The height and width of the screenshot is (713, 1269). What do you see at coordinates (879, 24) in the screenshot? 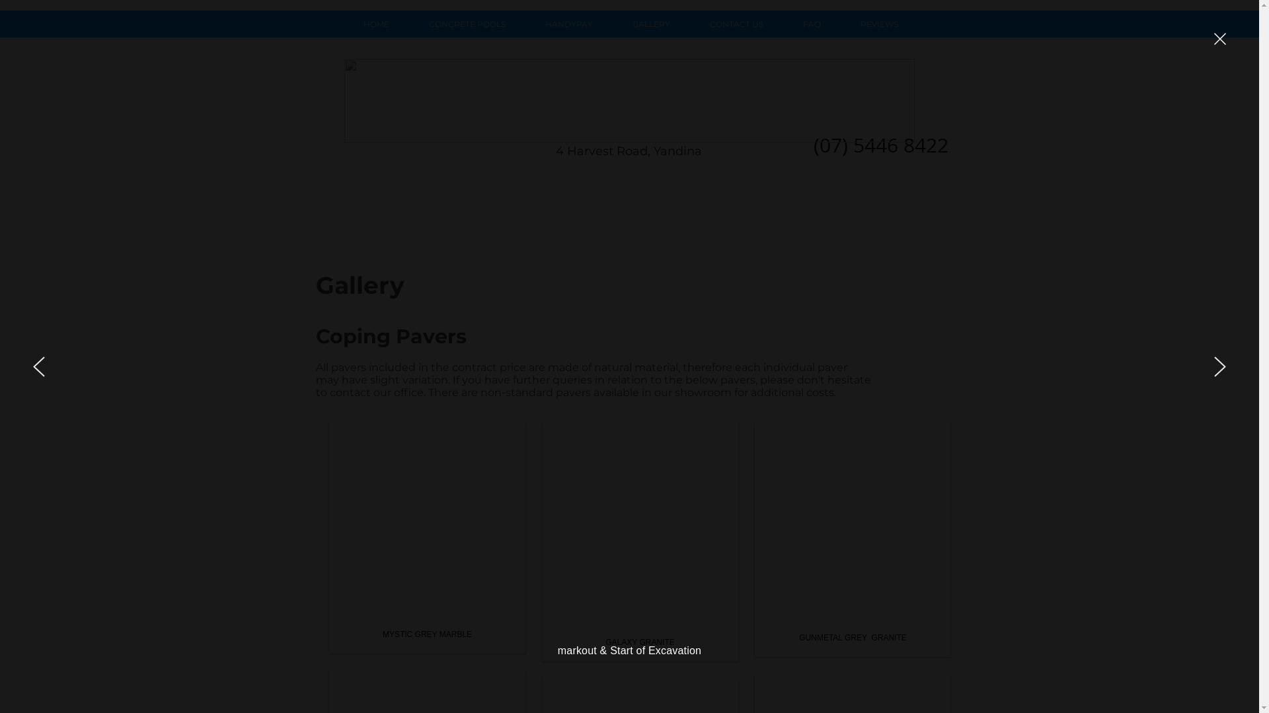
I see `'REVIEWS'` at bounding box center [879, 24].